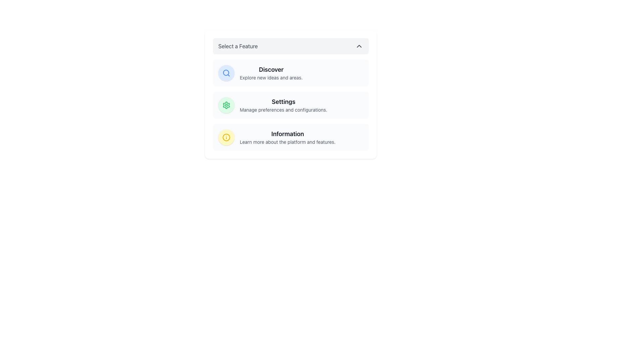 The height and width of the screenshot is (362, 644). What do you see at coordinates (291, 137) in the screenshot?
I see `the third List Group Item in the vertical list of options` at bounding box center [291, 137].